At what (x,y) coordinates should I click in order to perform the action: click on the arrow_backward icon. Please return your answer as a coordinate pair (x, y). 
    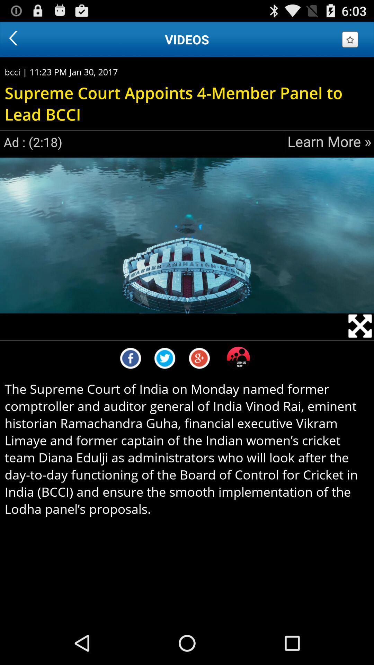
    Looking at the image, I should click on (16, 41).